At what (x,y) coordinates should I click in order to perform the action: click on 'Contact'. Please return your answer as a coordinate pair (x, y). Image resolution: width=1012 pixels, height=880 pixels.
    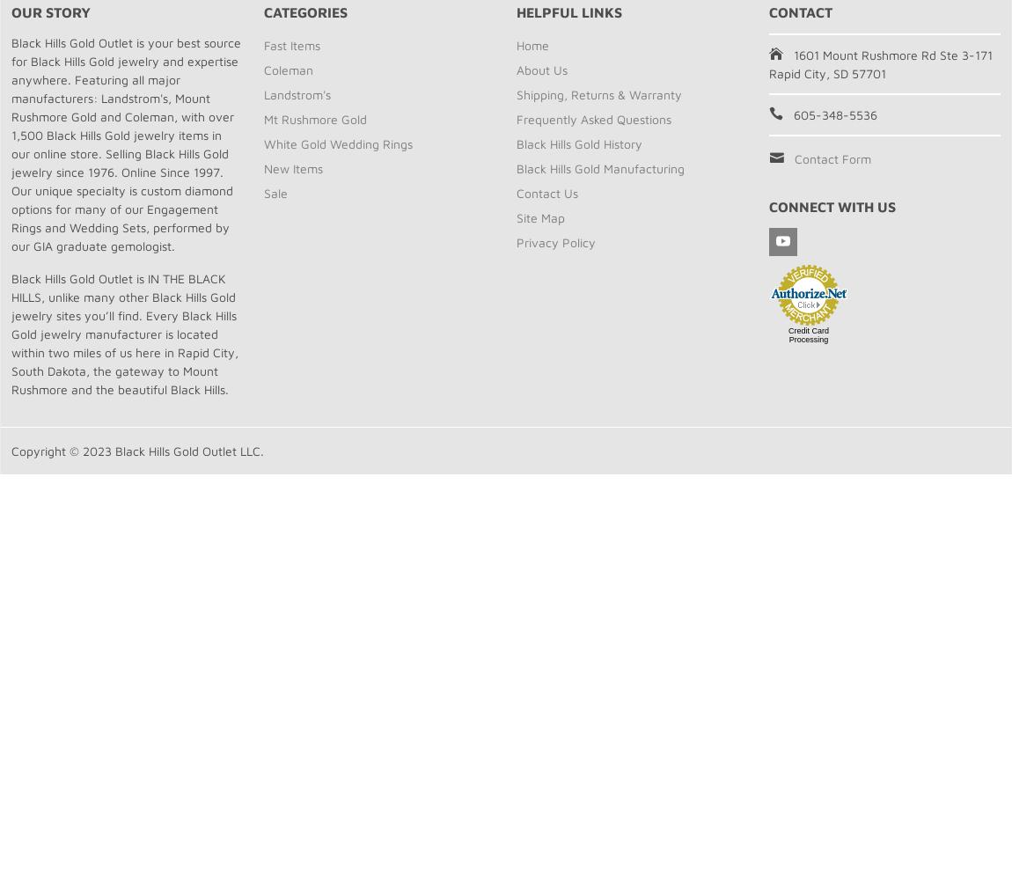
    Looking at the image, I should click on (769, 12).